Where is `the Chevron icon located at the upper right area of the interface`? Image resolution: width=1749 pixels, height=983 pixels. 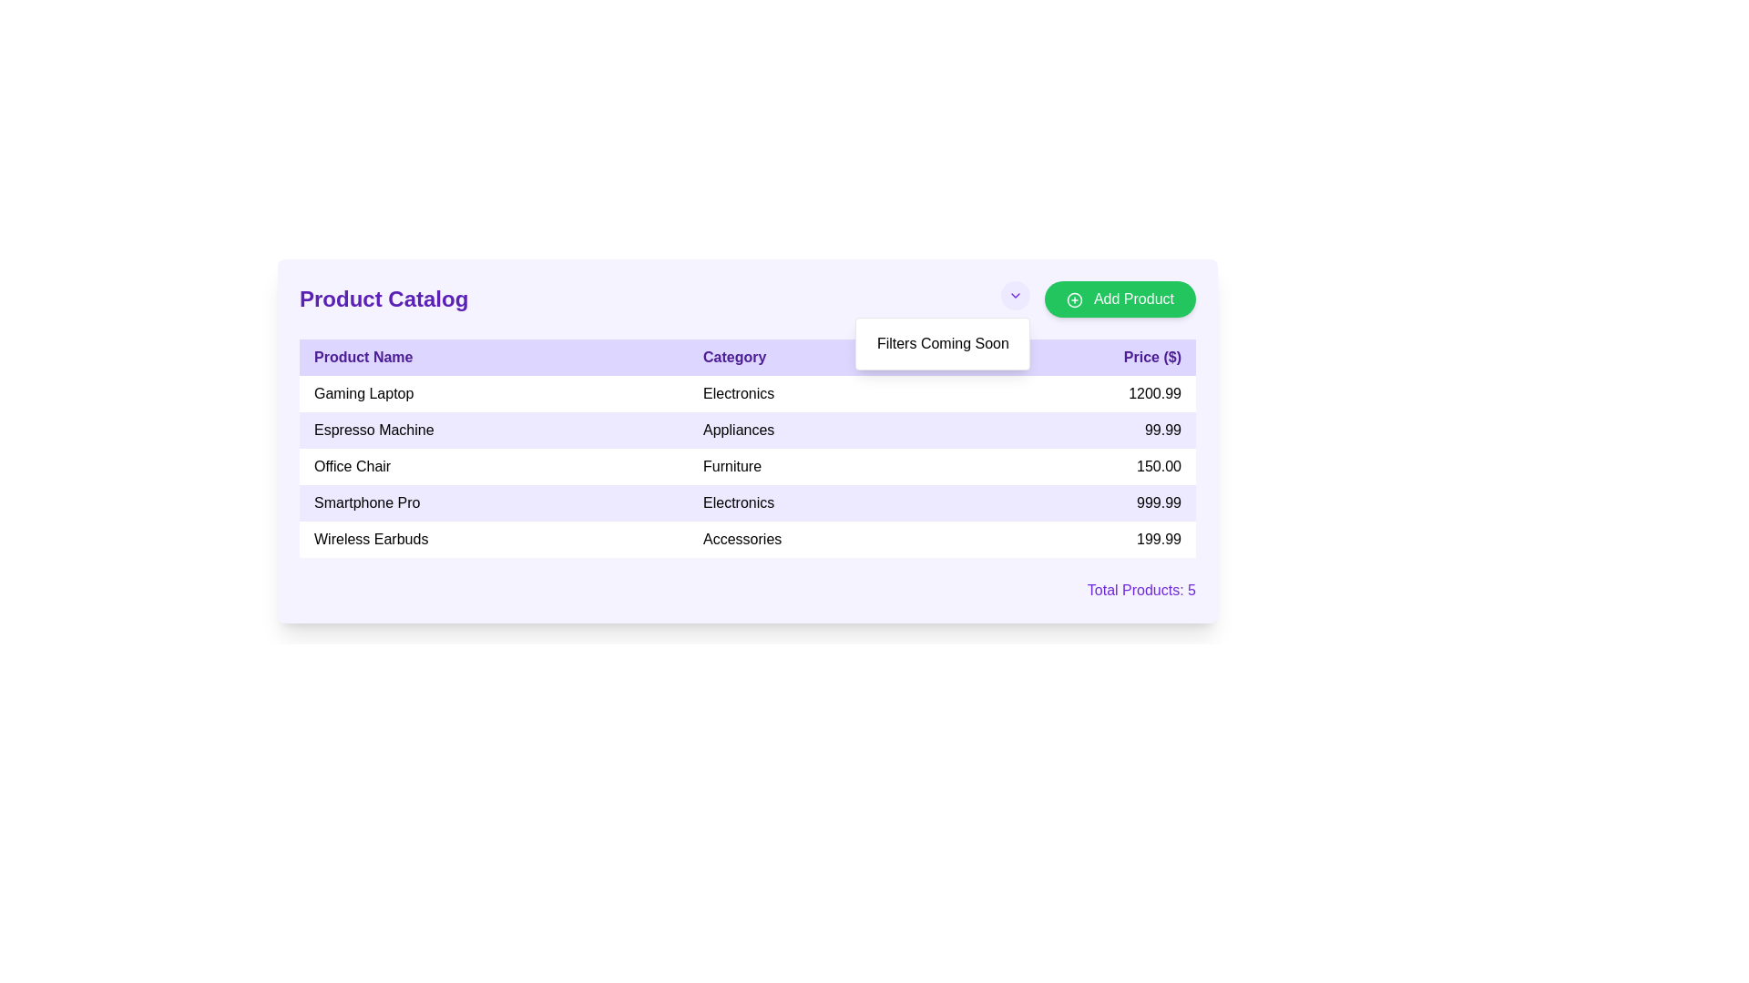 the Chevron icon located at the upper right area of the interface is located at coordinates (1015, 294).